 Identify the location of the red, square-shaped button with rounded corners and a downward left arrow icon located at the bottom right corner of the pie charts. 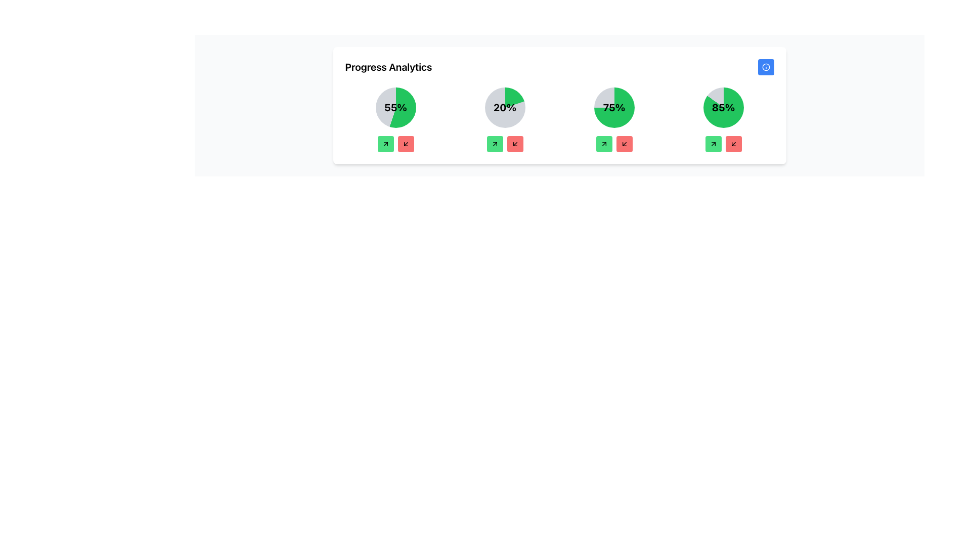
(624, 144).